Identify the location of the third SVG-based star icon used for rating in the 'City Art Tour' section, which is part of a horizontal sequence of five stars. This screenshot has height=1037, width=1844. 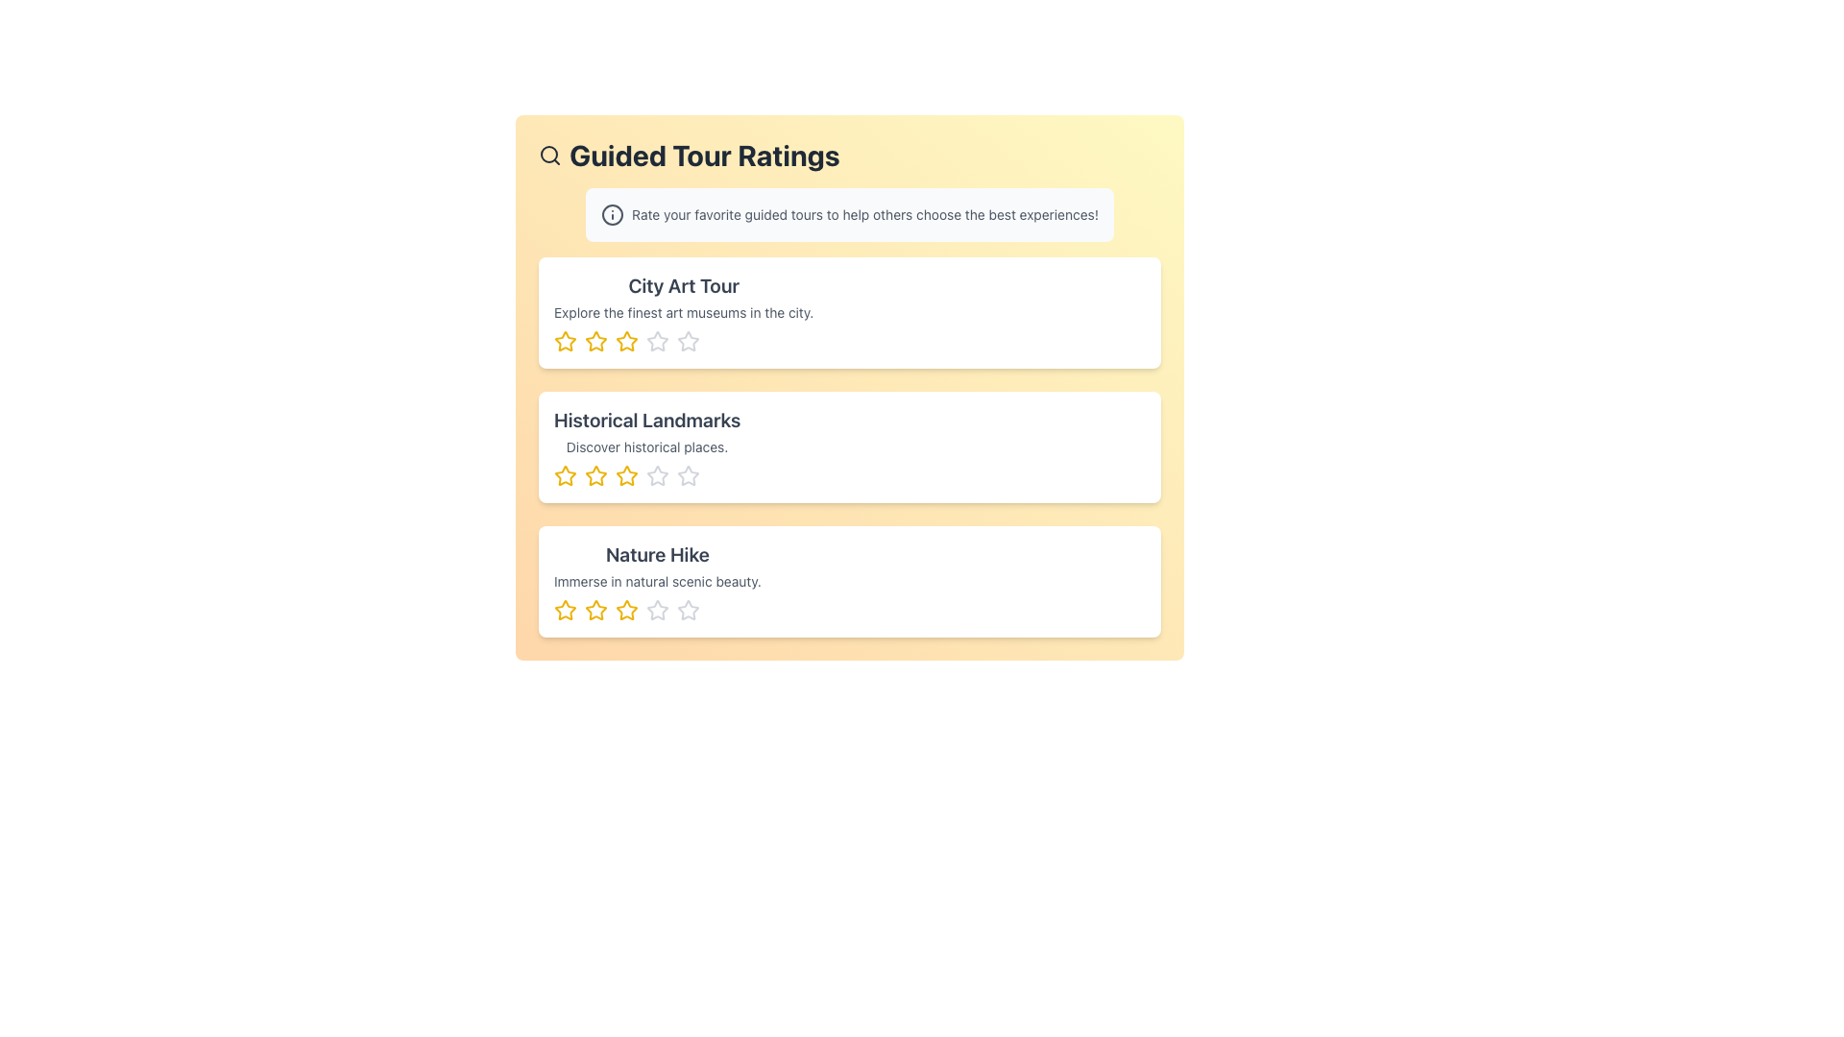
(626, 340).